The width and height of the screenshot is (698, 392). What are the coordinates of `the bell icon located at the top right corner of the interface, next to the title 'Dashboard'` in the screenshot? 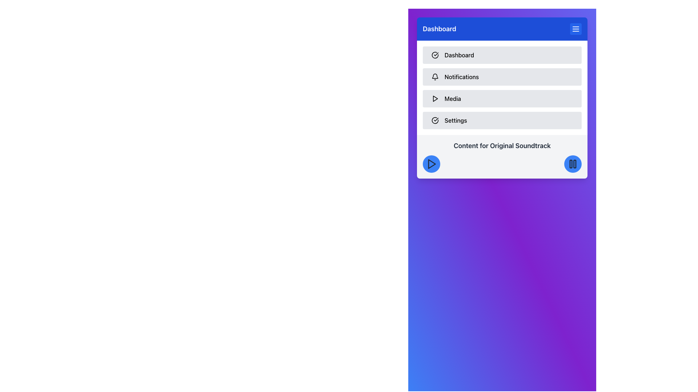 It's located at (435, 76).